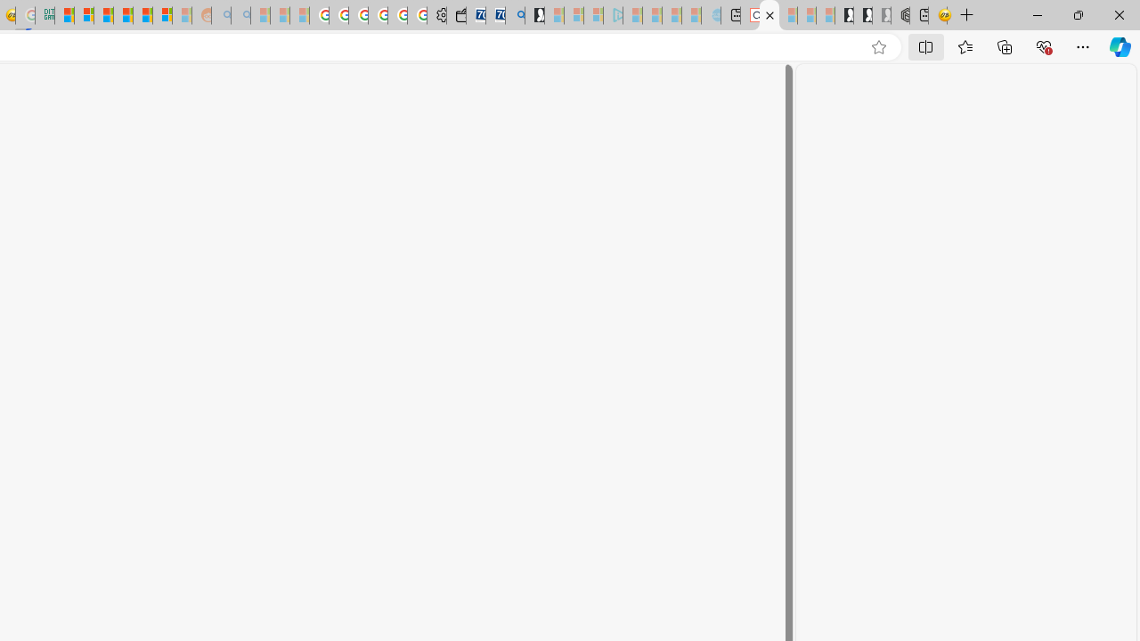 Image resolution: width=1140 pixels, height=641 pixels. I want to click on 'Wallet', so click(456, 15).